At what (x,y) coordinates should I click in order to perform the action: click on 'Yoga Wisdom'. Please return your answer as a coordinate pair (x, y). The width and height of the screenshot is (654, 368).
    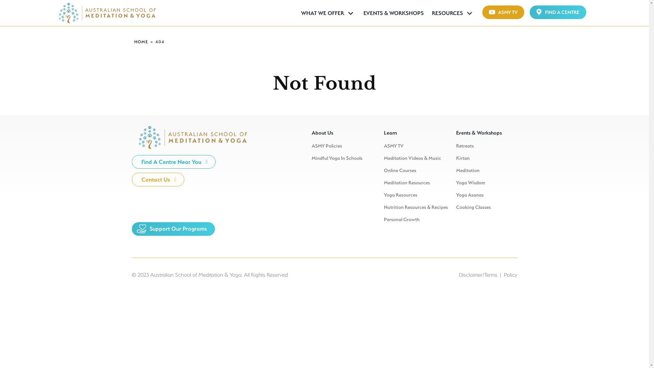
    Looking at the image, I should click on (456, 182).